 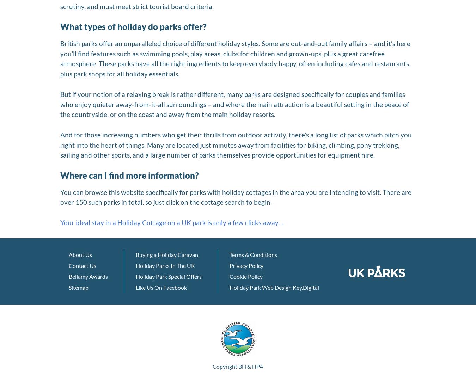 I want to click on 'Sitemap', so click(x=79, y=287).